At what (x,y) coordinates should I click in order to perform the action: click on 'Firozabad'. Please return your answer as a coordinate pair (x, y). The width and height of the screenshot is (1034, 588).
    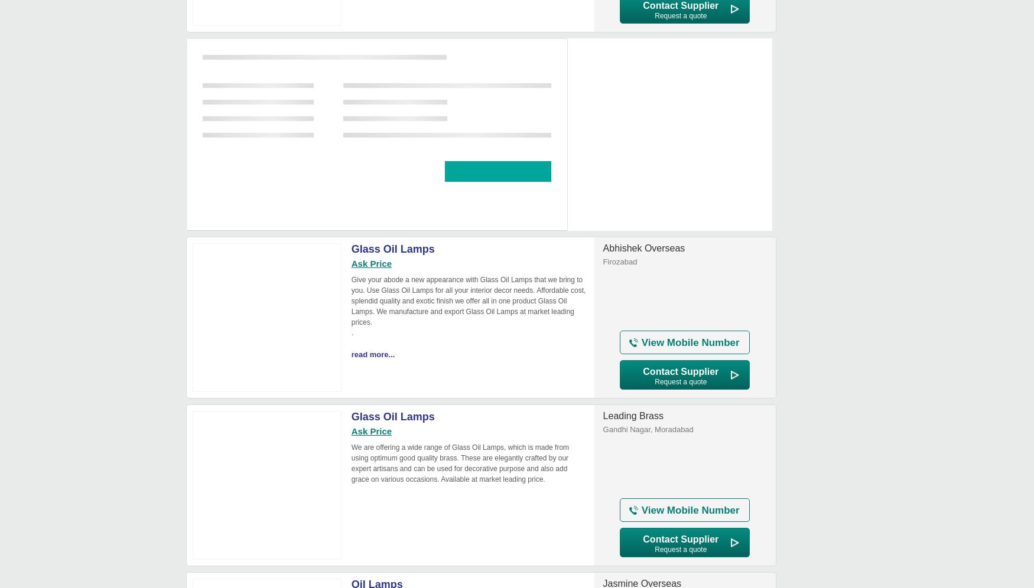
    Looking at the image, I should click on (619, 262).